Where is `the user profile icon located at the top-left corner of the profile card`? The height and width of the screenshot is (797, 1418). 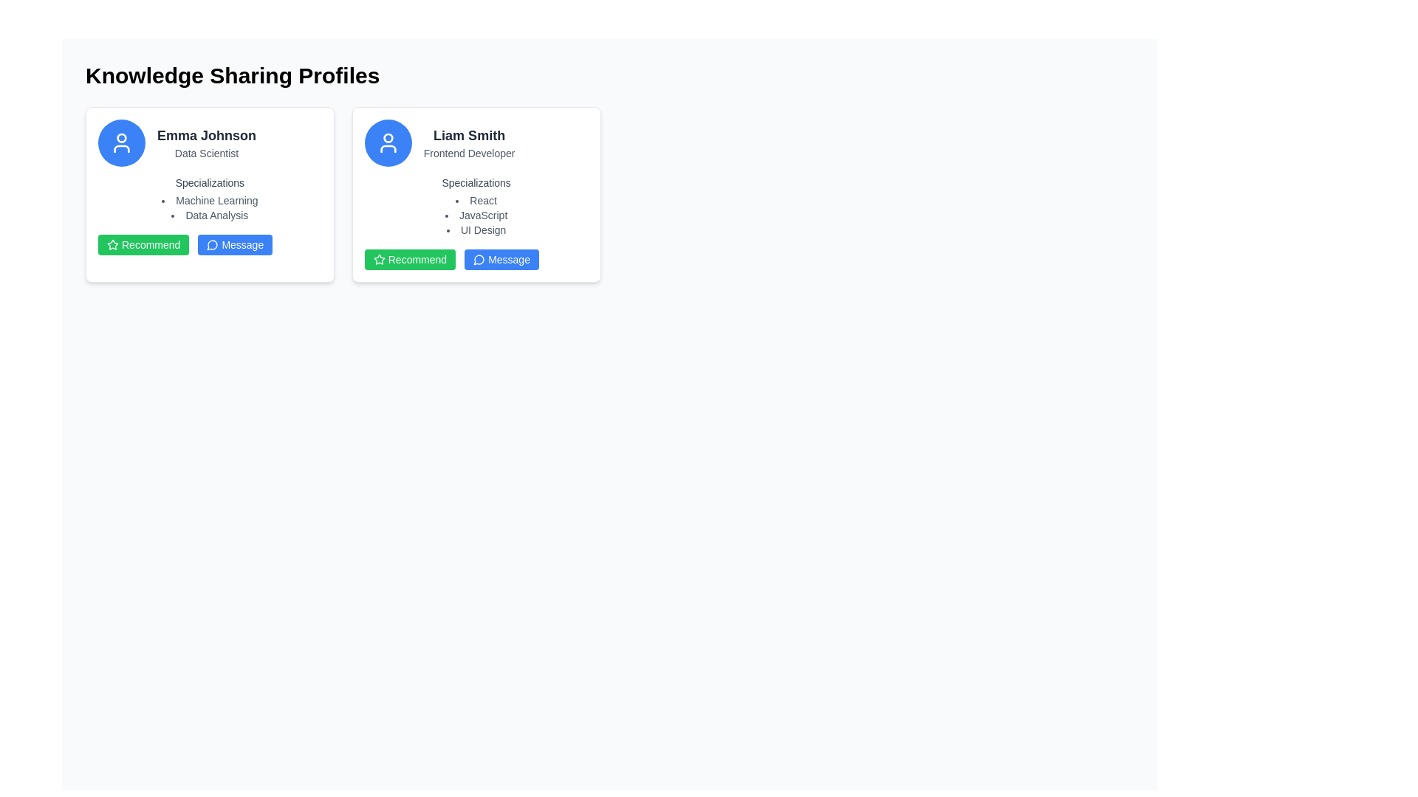
the user profile icon located at the top-left corner of the profile card is located at coordinates (121, 148).